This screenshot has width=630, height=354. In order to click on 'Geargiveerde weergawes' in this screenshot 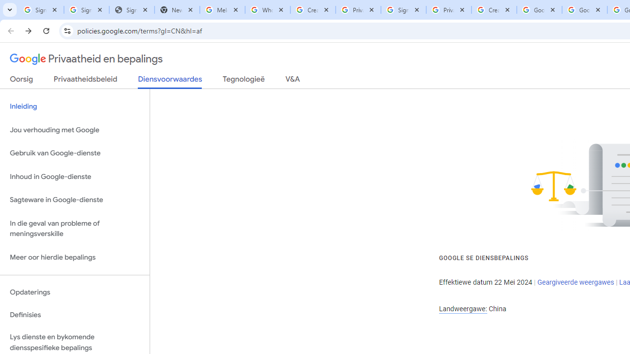, I will do `click(575, 282)`.